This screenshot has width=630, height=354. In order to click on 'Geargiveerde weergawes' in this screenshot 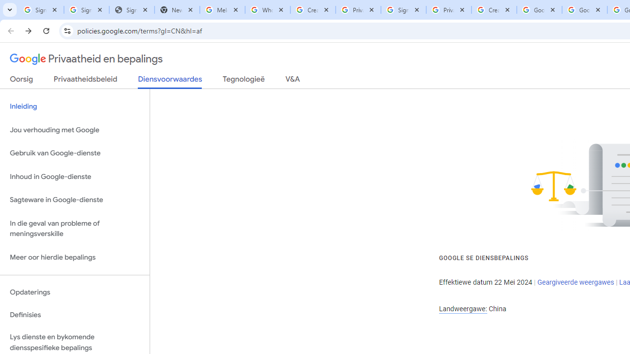, I will do `click(575, 282)`.